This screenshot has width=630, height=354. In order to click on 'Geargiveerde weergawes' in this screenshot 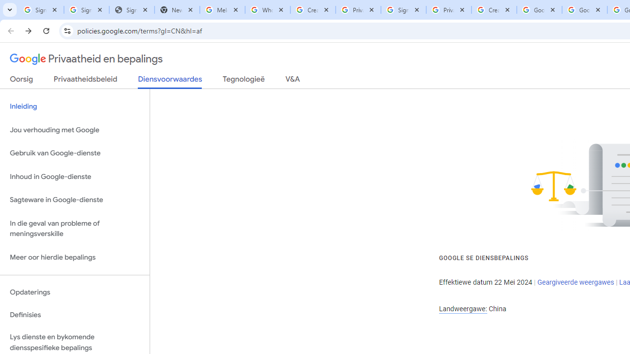, I will do `click(575, 282)`.